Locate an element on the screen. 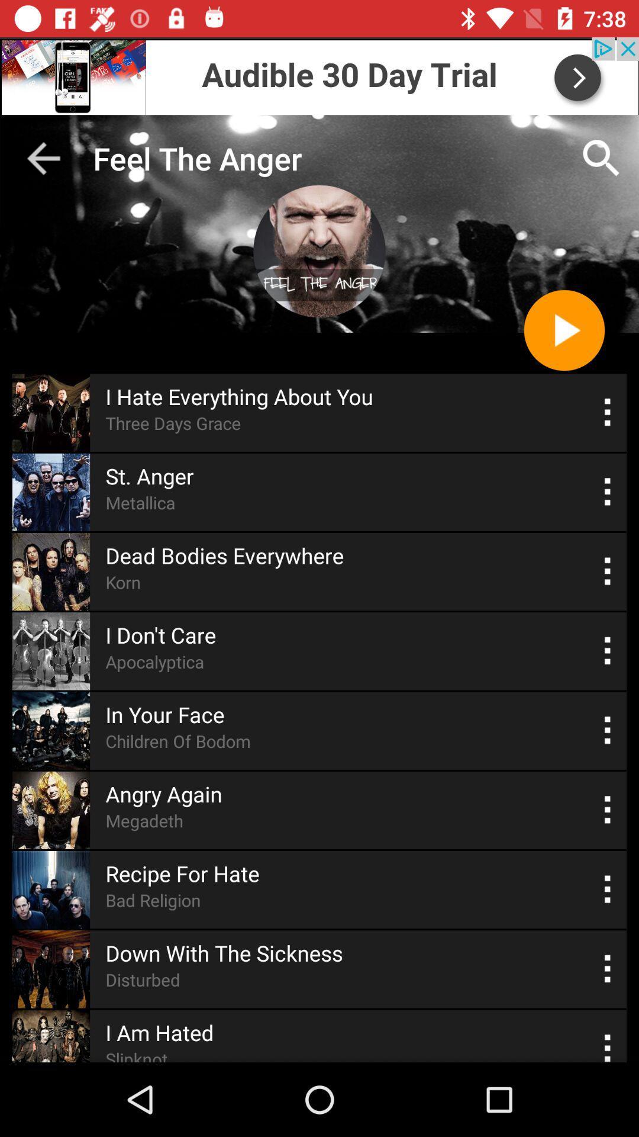  the last image is located at coordinates (50, 1036).